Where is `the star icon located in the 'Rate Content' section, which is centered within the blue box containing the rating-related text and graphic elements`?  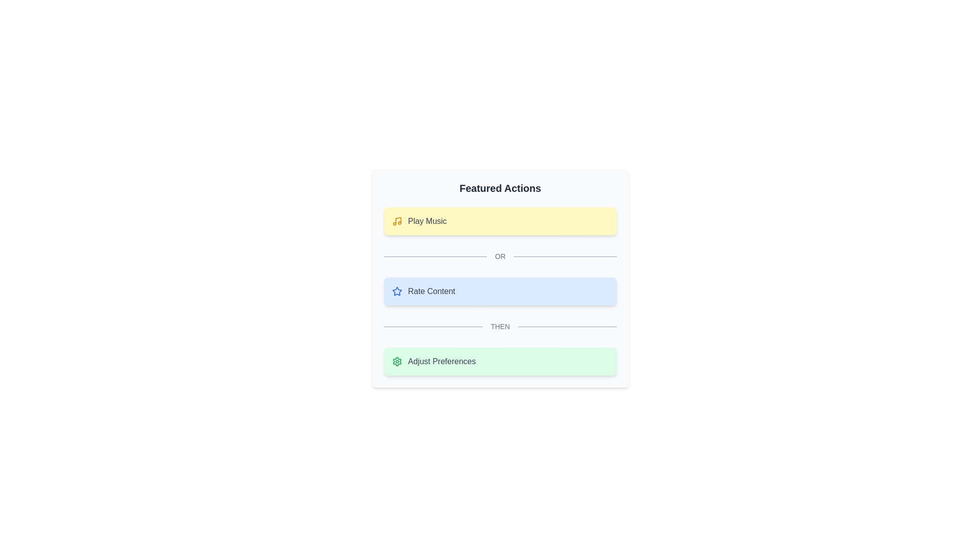
the star icon located in the 'Rate Content' section, which is centered within the blue box containing the rating-related text and graphic elements is located at coordinates (396, 291).